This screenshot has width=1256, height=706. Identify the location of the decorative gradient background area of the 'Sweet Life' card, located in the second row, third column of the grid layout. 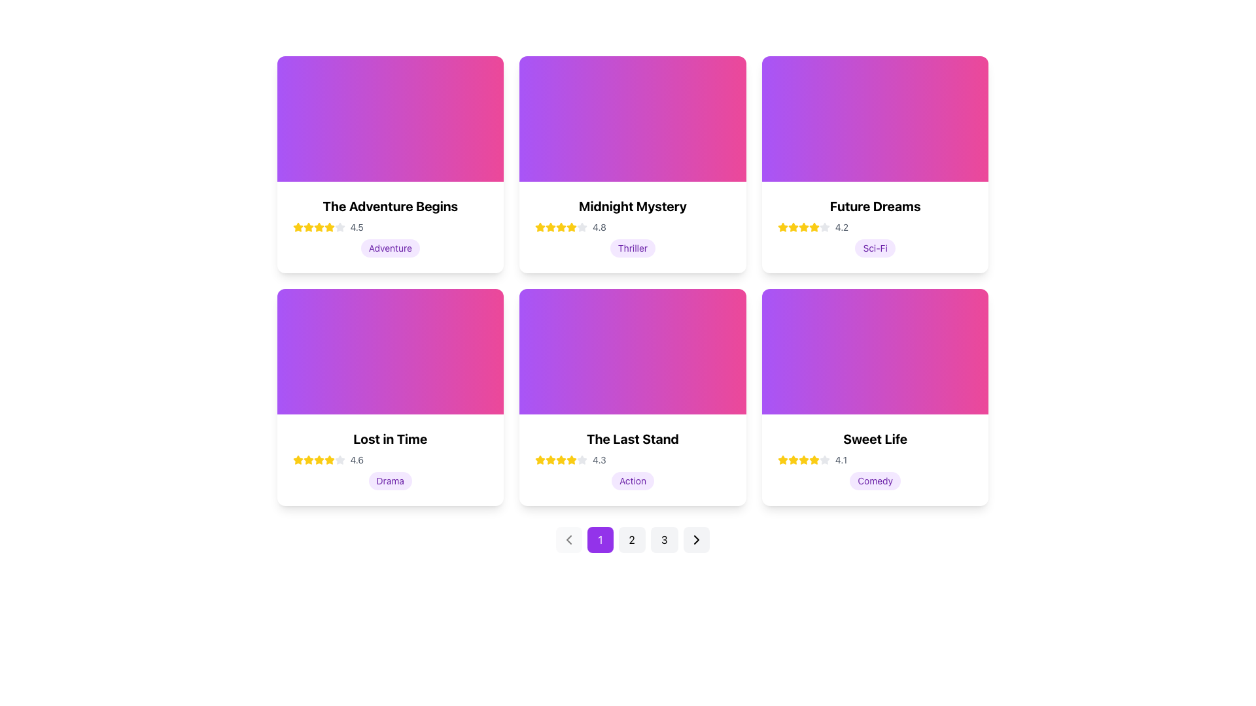
(875, 350).